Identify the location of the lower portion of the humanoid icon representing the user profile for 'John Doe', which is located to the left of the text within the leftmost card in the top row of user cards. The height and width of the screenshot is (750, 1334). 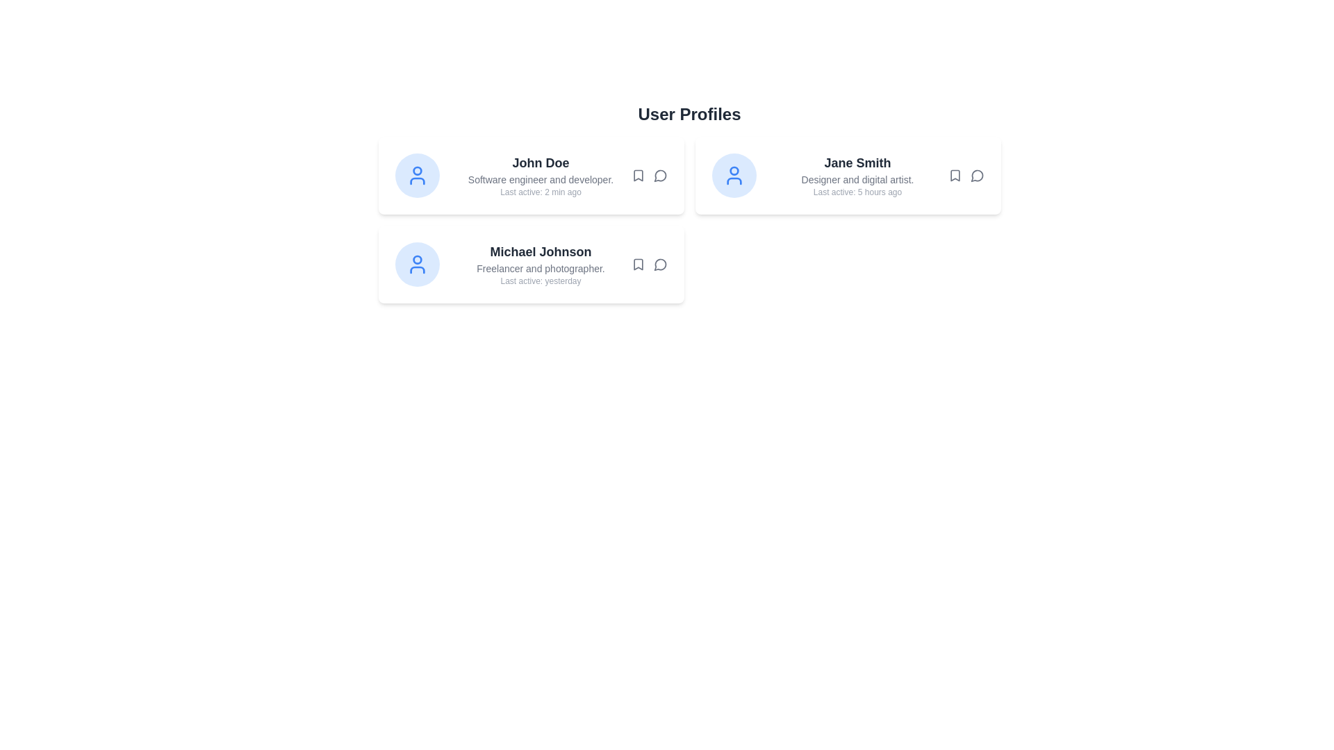
(416, 181).